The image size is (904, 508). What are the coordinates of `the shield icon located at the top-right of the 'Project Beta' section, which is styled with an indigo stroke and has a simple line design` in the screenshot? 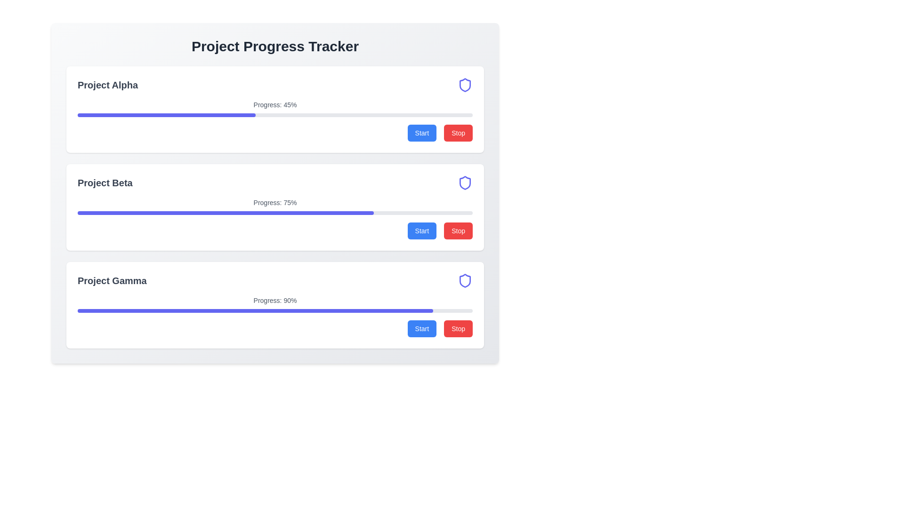 It's located at (465, 183).